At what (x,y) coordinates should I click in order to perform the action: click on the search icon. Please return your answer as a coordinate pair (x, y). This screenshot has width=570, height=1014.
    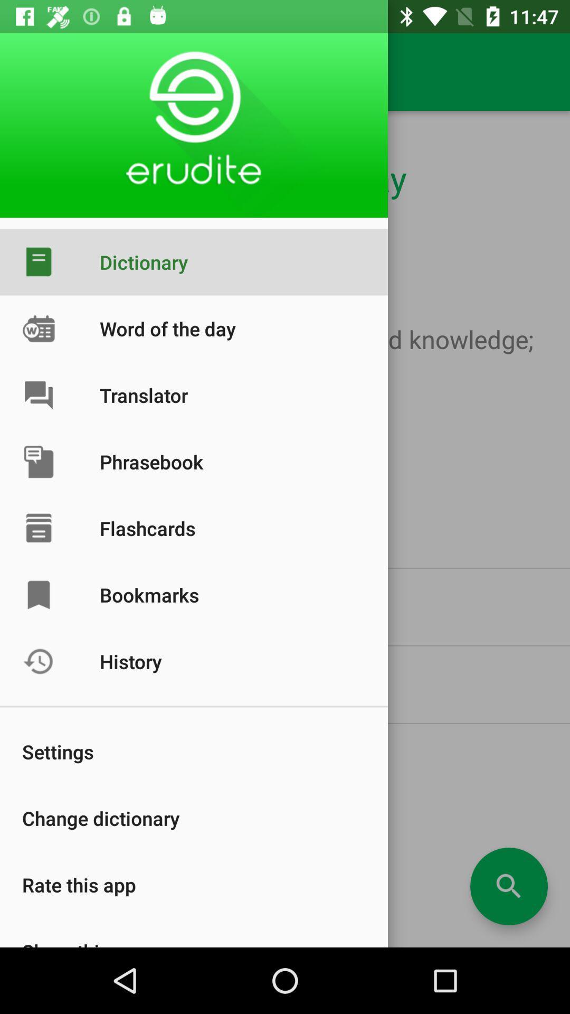
    Looking at the image, I should click on (508, 886).